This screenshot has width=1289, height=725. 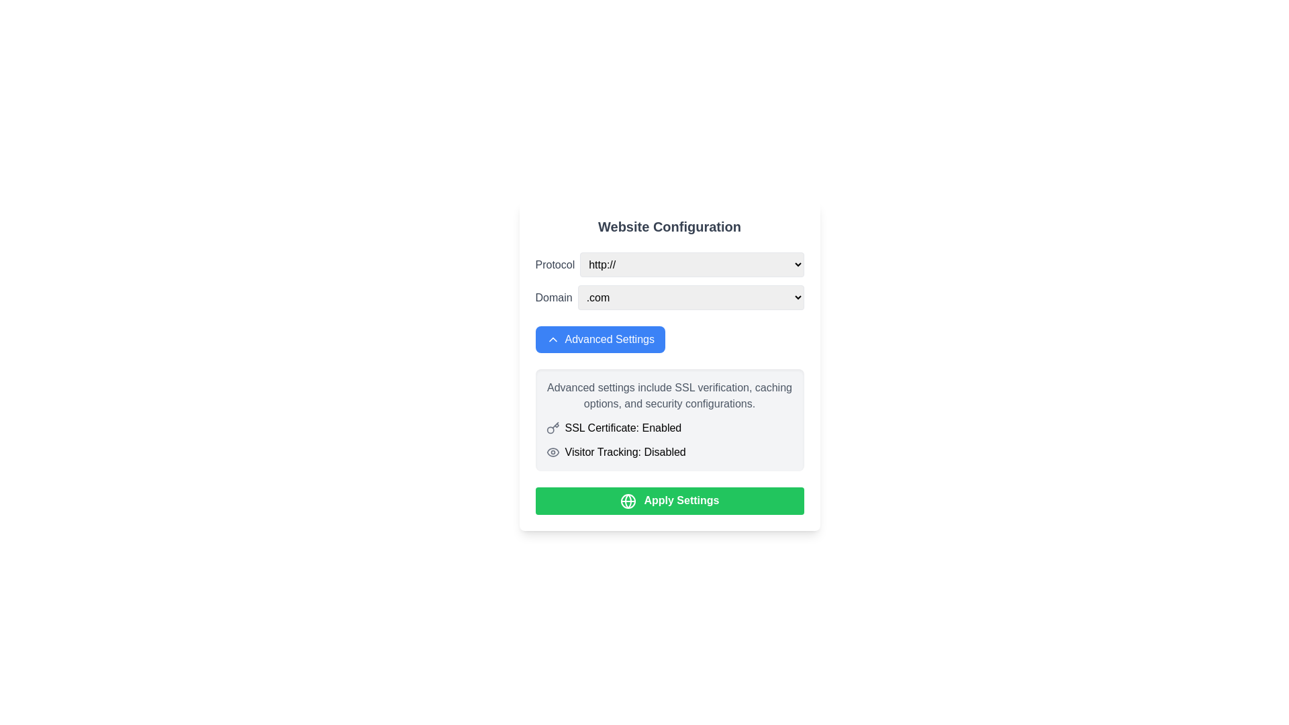 What do you see at coordinates (691, 297) in the screenshot?
I see `the dropdown menu with rounded borders containing options like '.com', '.net', and '.org'` at bounding box center [691, 297].